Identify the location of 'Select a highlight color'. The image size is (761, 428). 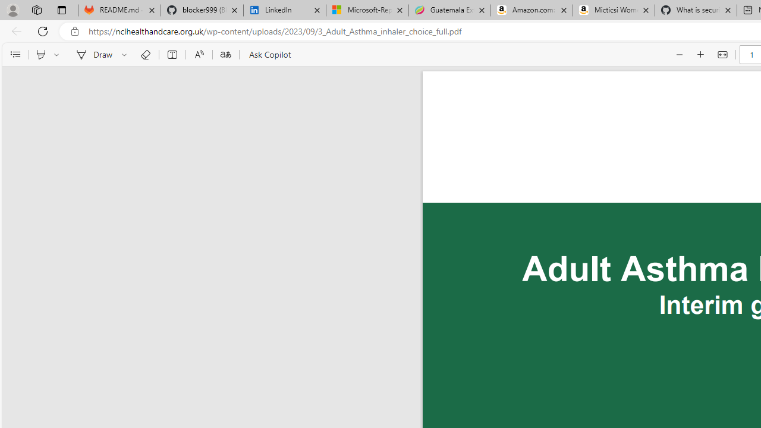
(58, 55).